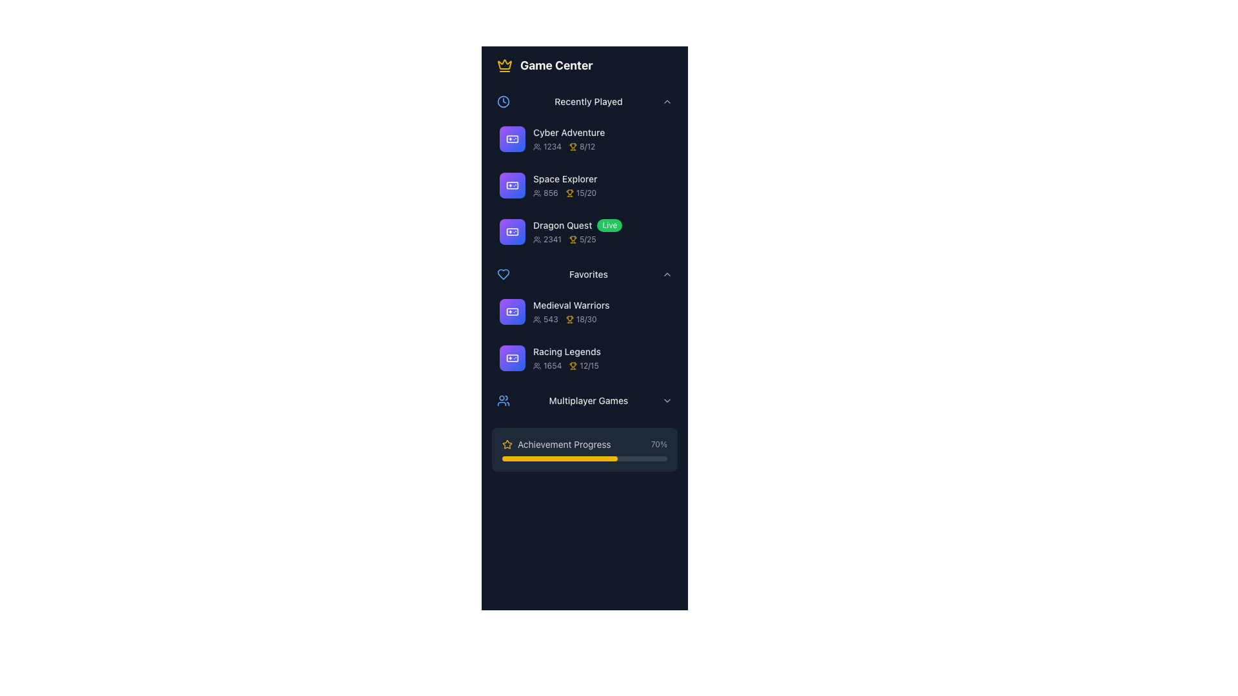 This screenshot has height=696, width=1238. I want to click on the decorative graphic element at the center of the game controller icon located in the sidebar next to the 'Medieval Warriors' title under the 'Favorites' section, so click(512, 311).